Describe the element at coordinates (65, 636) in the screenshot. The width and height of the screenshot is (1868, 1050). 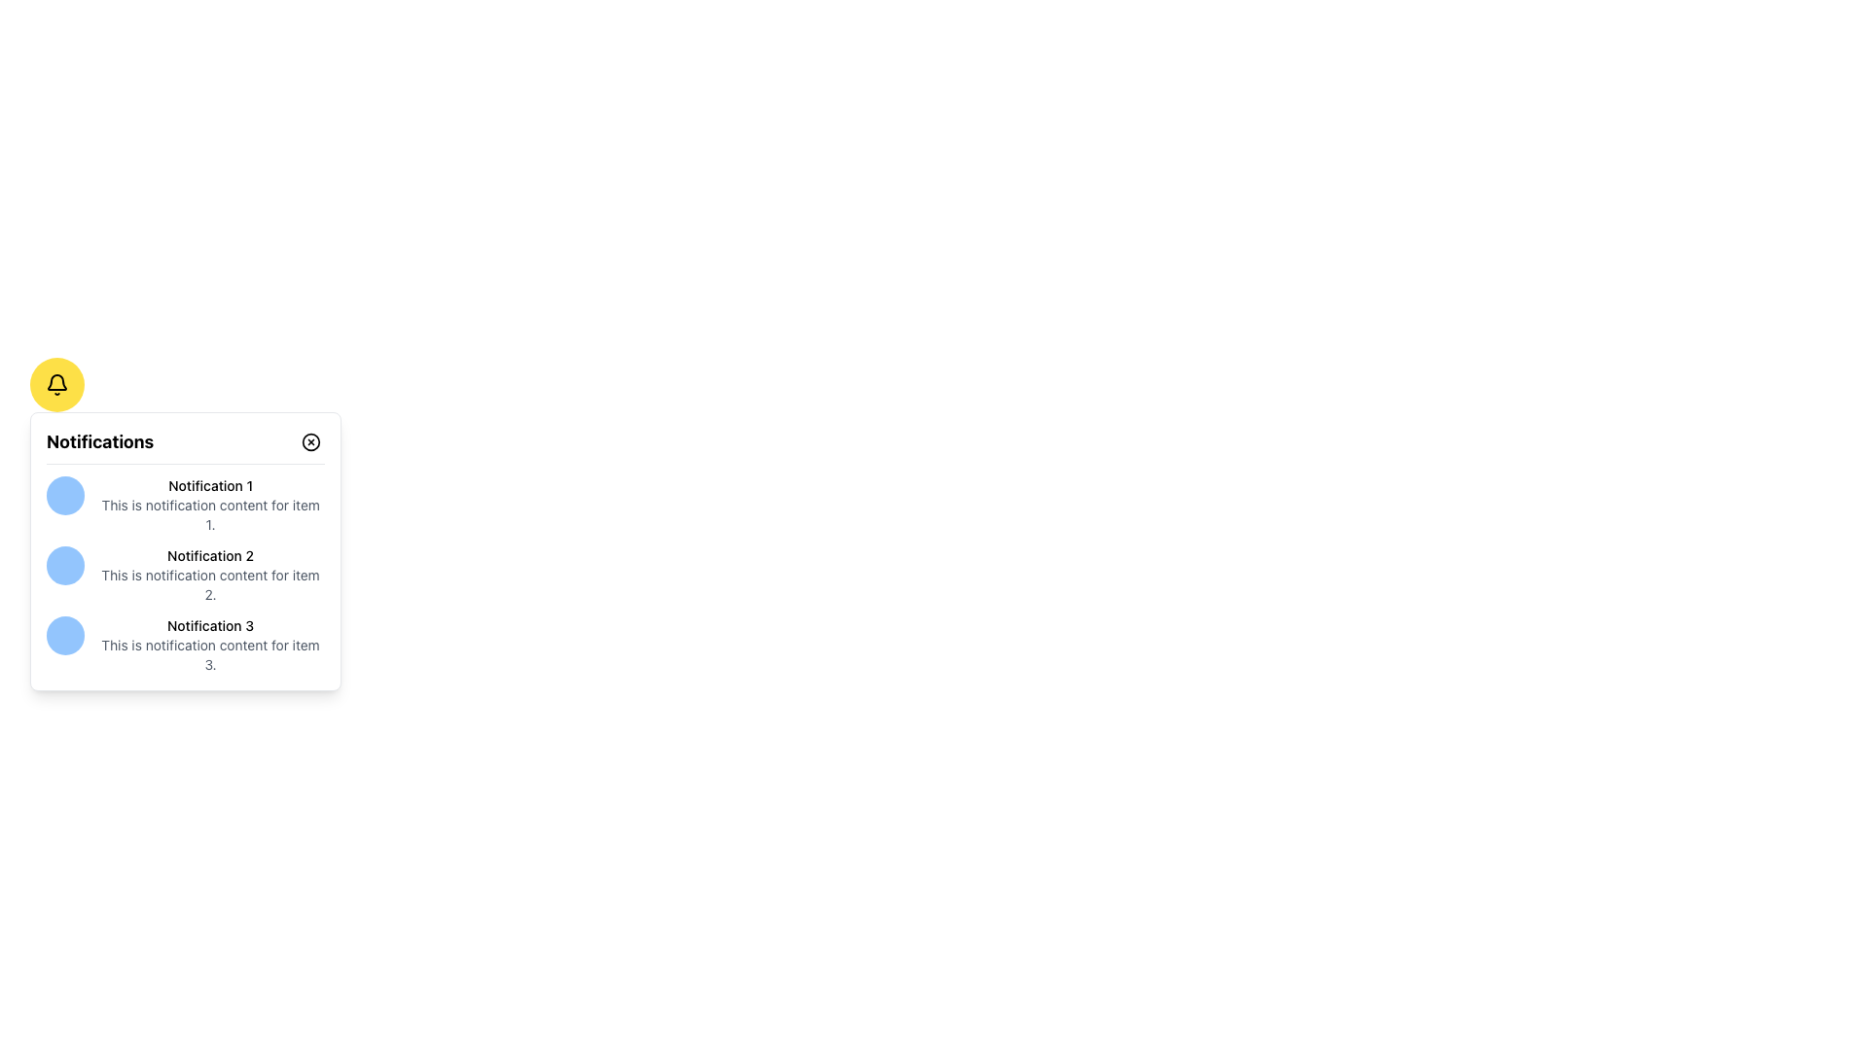
I see `the static visual indicator for the bottom-most notification entry, which visually distinguishes 'Notification 3' from other entries` at that location.